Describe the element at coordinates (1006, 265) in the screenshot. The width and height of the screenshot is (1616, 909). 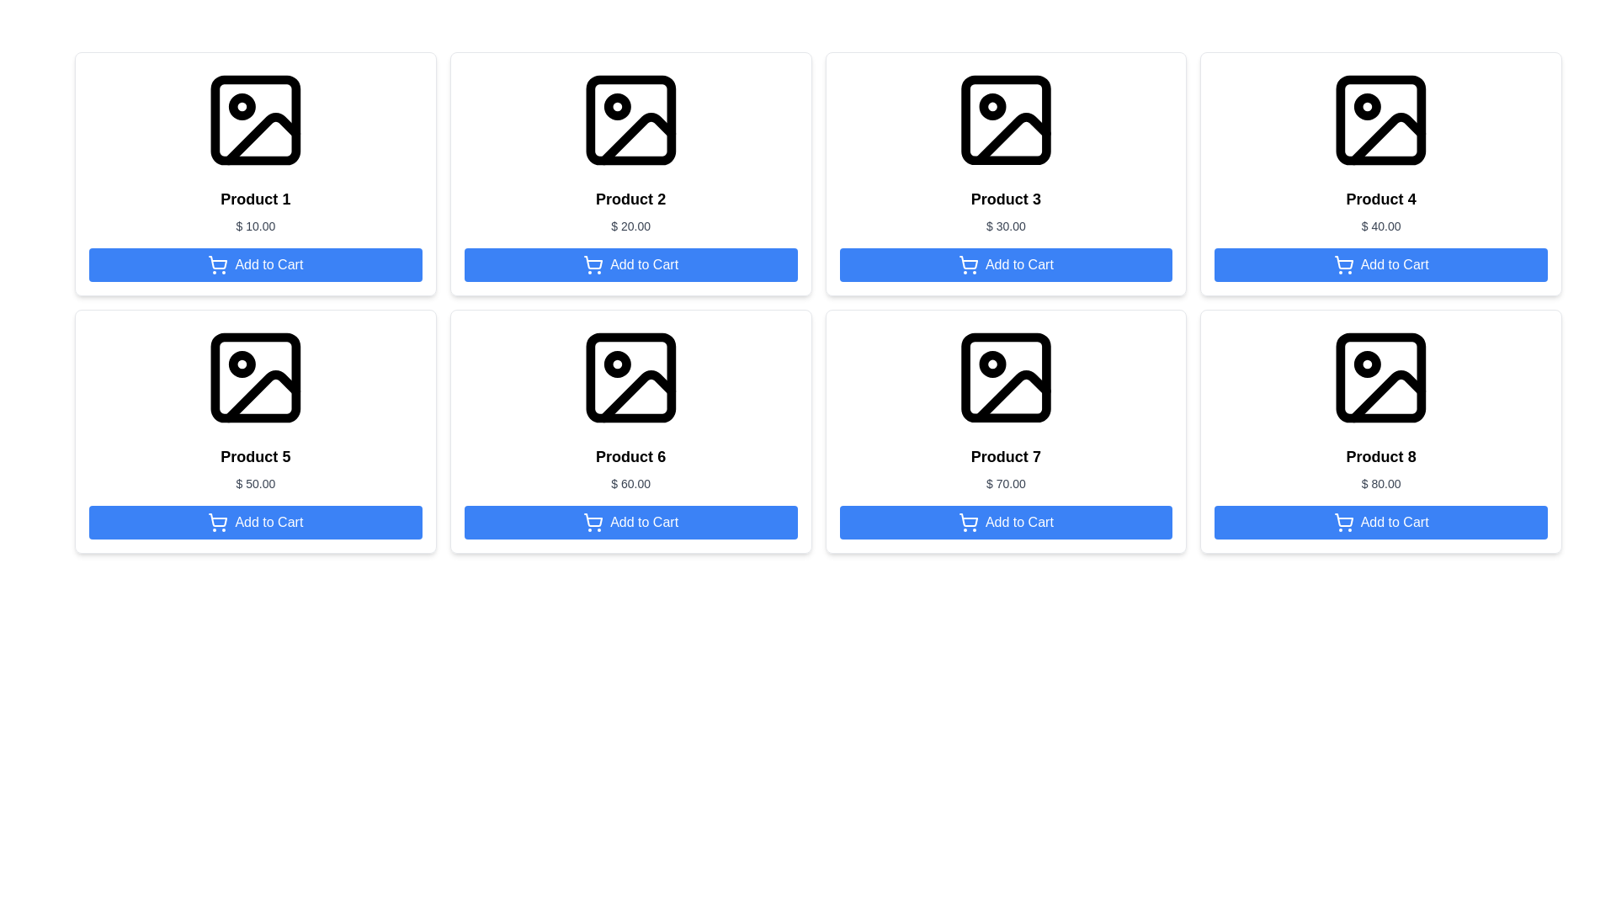
I see `the button` at that location.